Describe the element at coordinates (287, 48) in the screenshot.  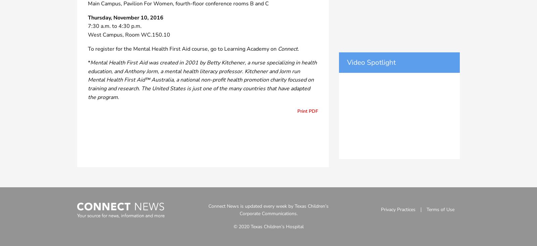
I see `'Connect'` at that location.